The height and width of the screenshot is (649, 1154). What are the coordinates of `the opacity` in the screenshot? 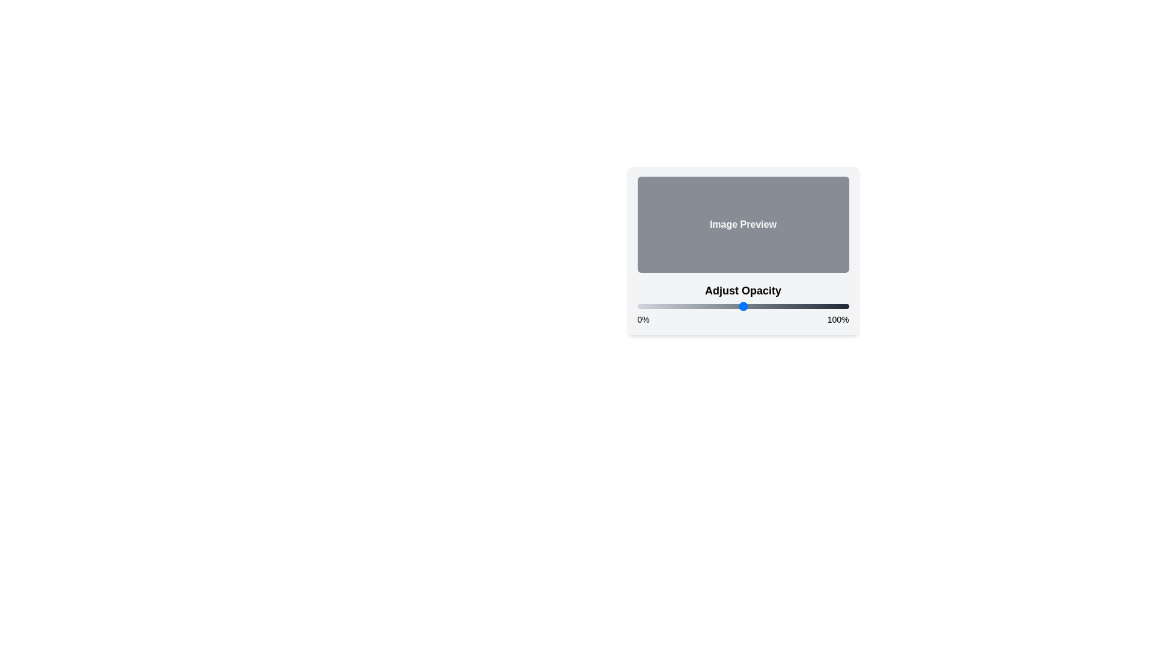 It's located at (811, 305).